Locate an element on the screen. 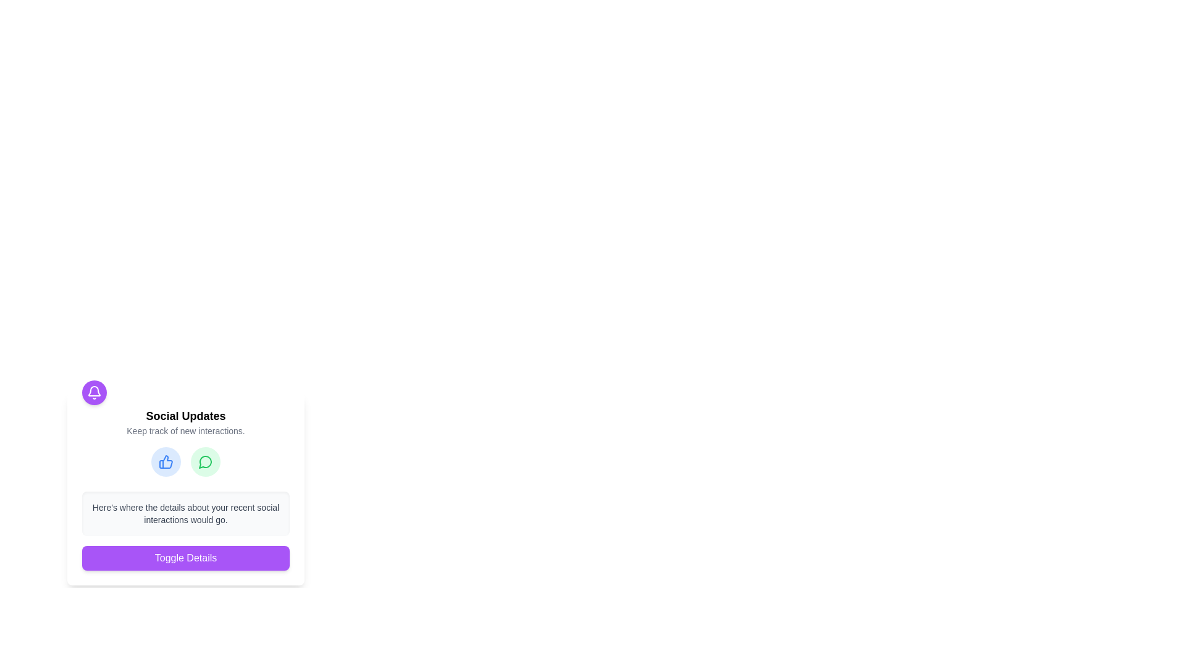  the Decorative icon shape located in the lower-right corner of the green icon, which symbolizes message or comment functionality is located at coordinates (205, 462).